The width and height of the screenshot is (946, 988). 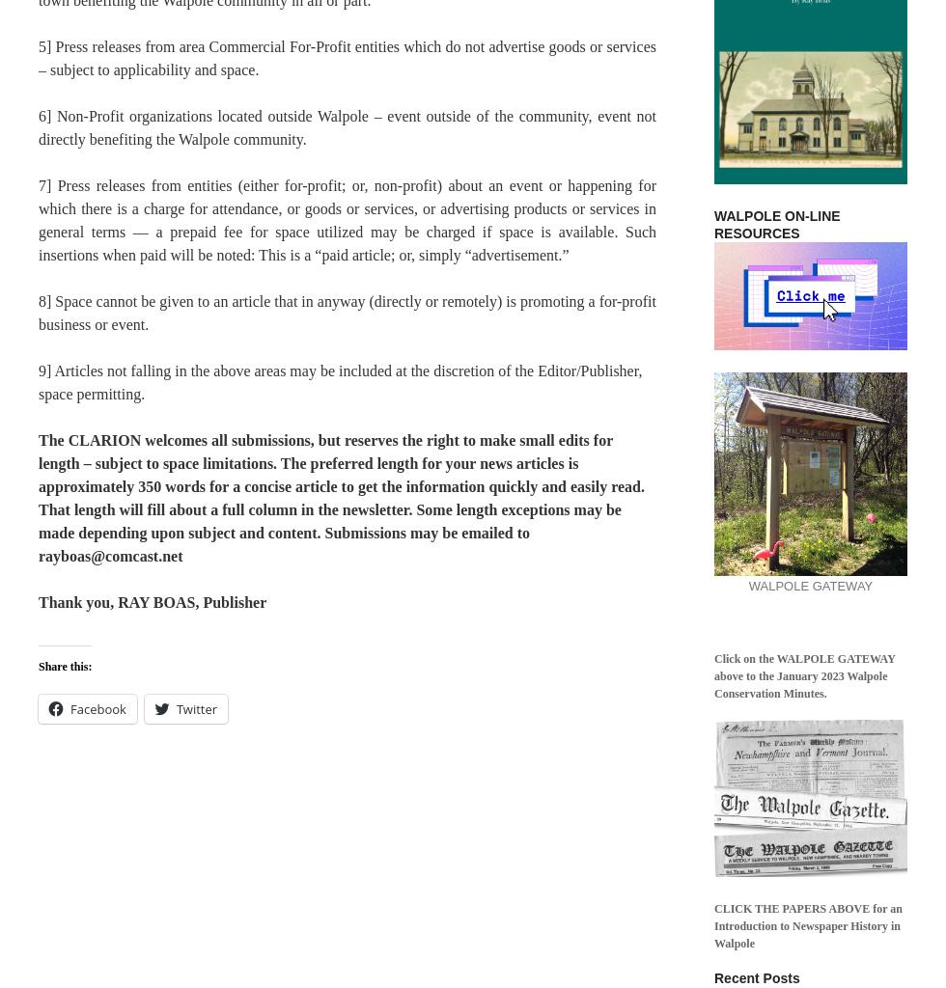 I want to click on 'Share this:', so click(x=38, y=666).